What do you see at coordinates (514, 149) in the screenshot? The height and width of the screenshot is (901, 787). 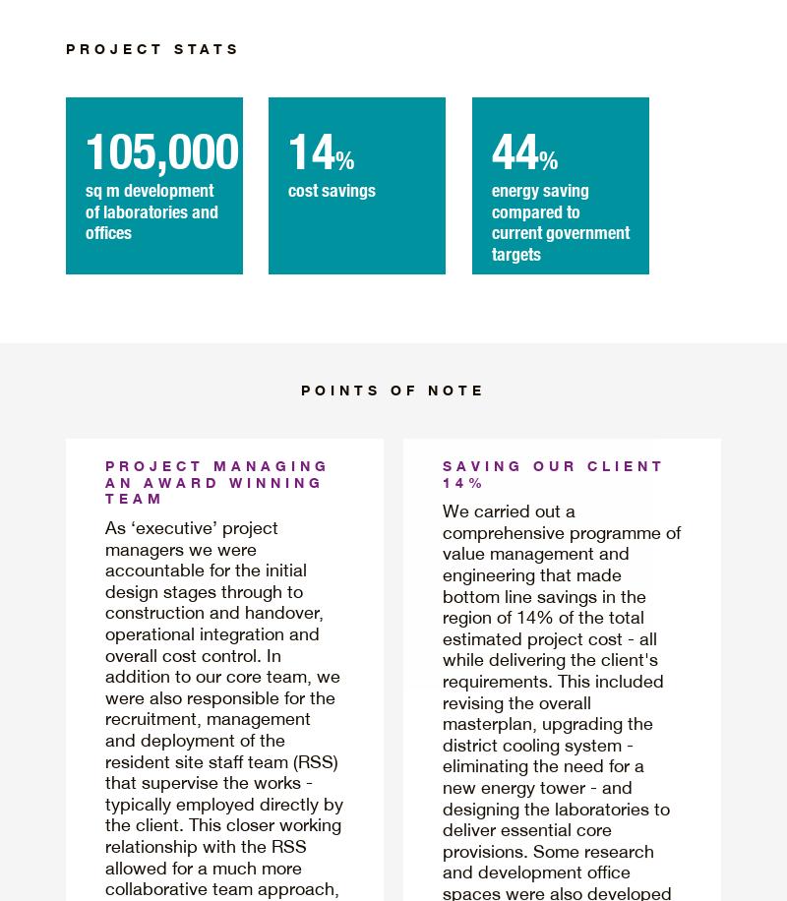 I see `'44'` at bounding box center [514, 149].